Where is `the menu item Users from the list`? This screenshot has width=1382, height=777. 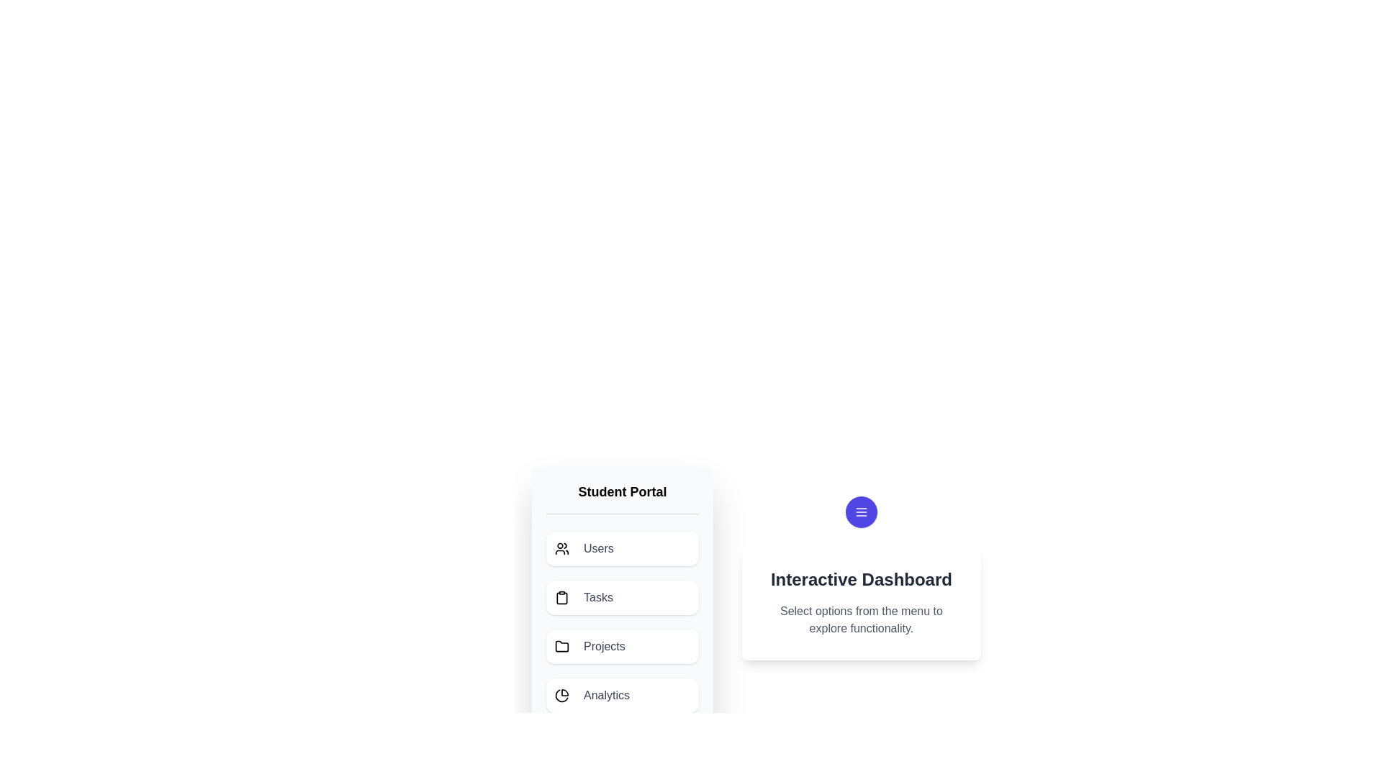
the menu item Users from the list is located at coordinates (622, 549).